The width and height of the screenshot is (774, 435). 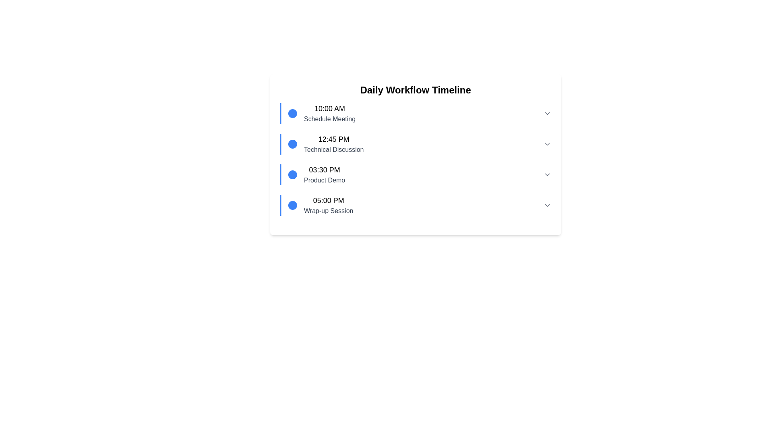 What do you see at coordinates (547, 113) in the screenshot?
I see `the Chevron icon next to the '10:00 AM Schedule Meeting' entry to change its visual state` at bounding box center [547, 113].